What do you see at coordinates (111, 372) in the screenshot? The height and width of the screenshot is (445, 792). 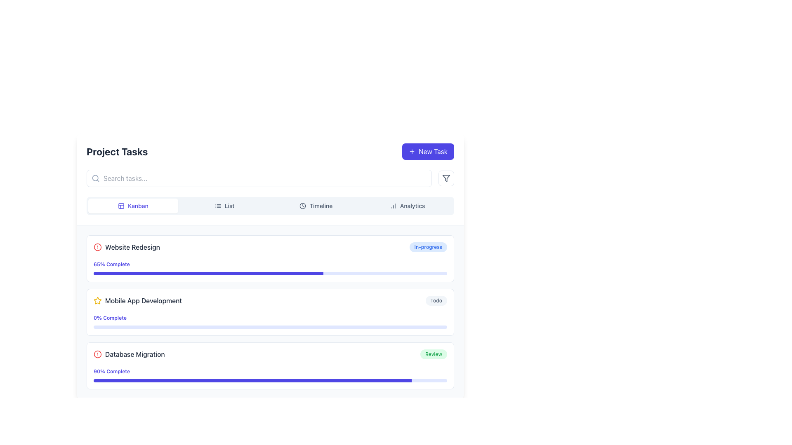 I see `the Text Label that indicates the progress percentage of the 'Database Migration' task, positioned below the heading and above the progress bar in the third task section of the 'Project Tasks' interface` at bounding box center [111, 372].